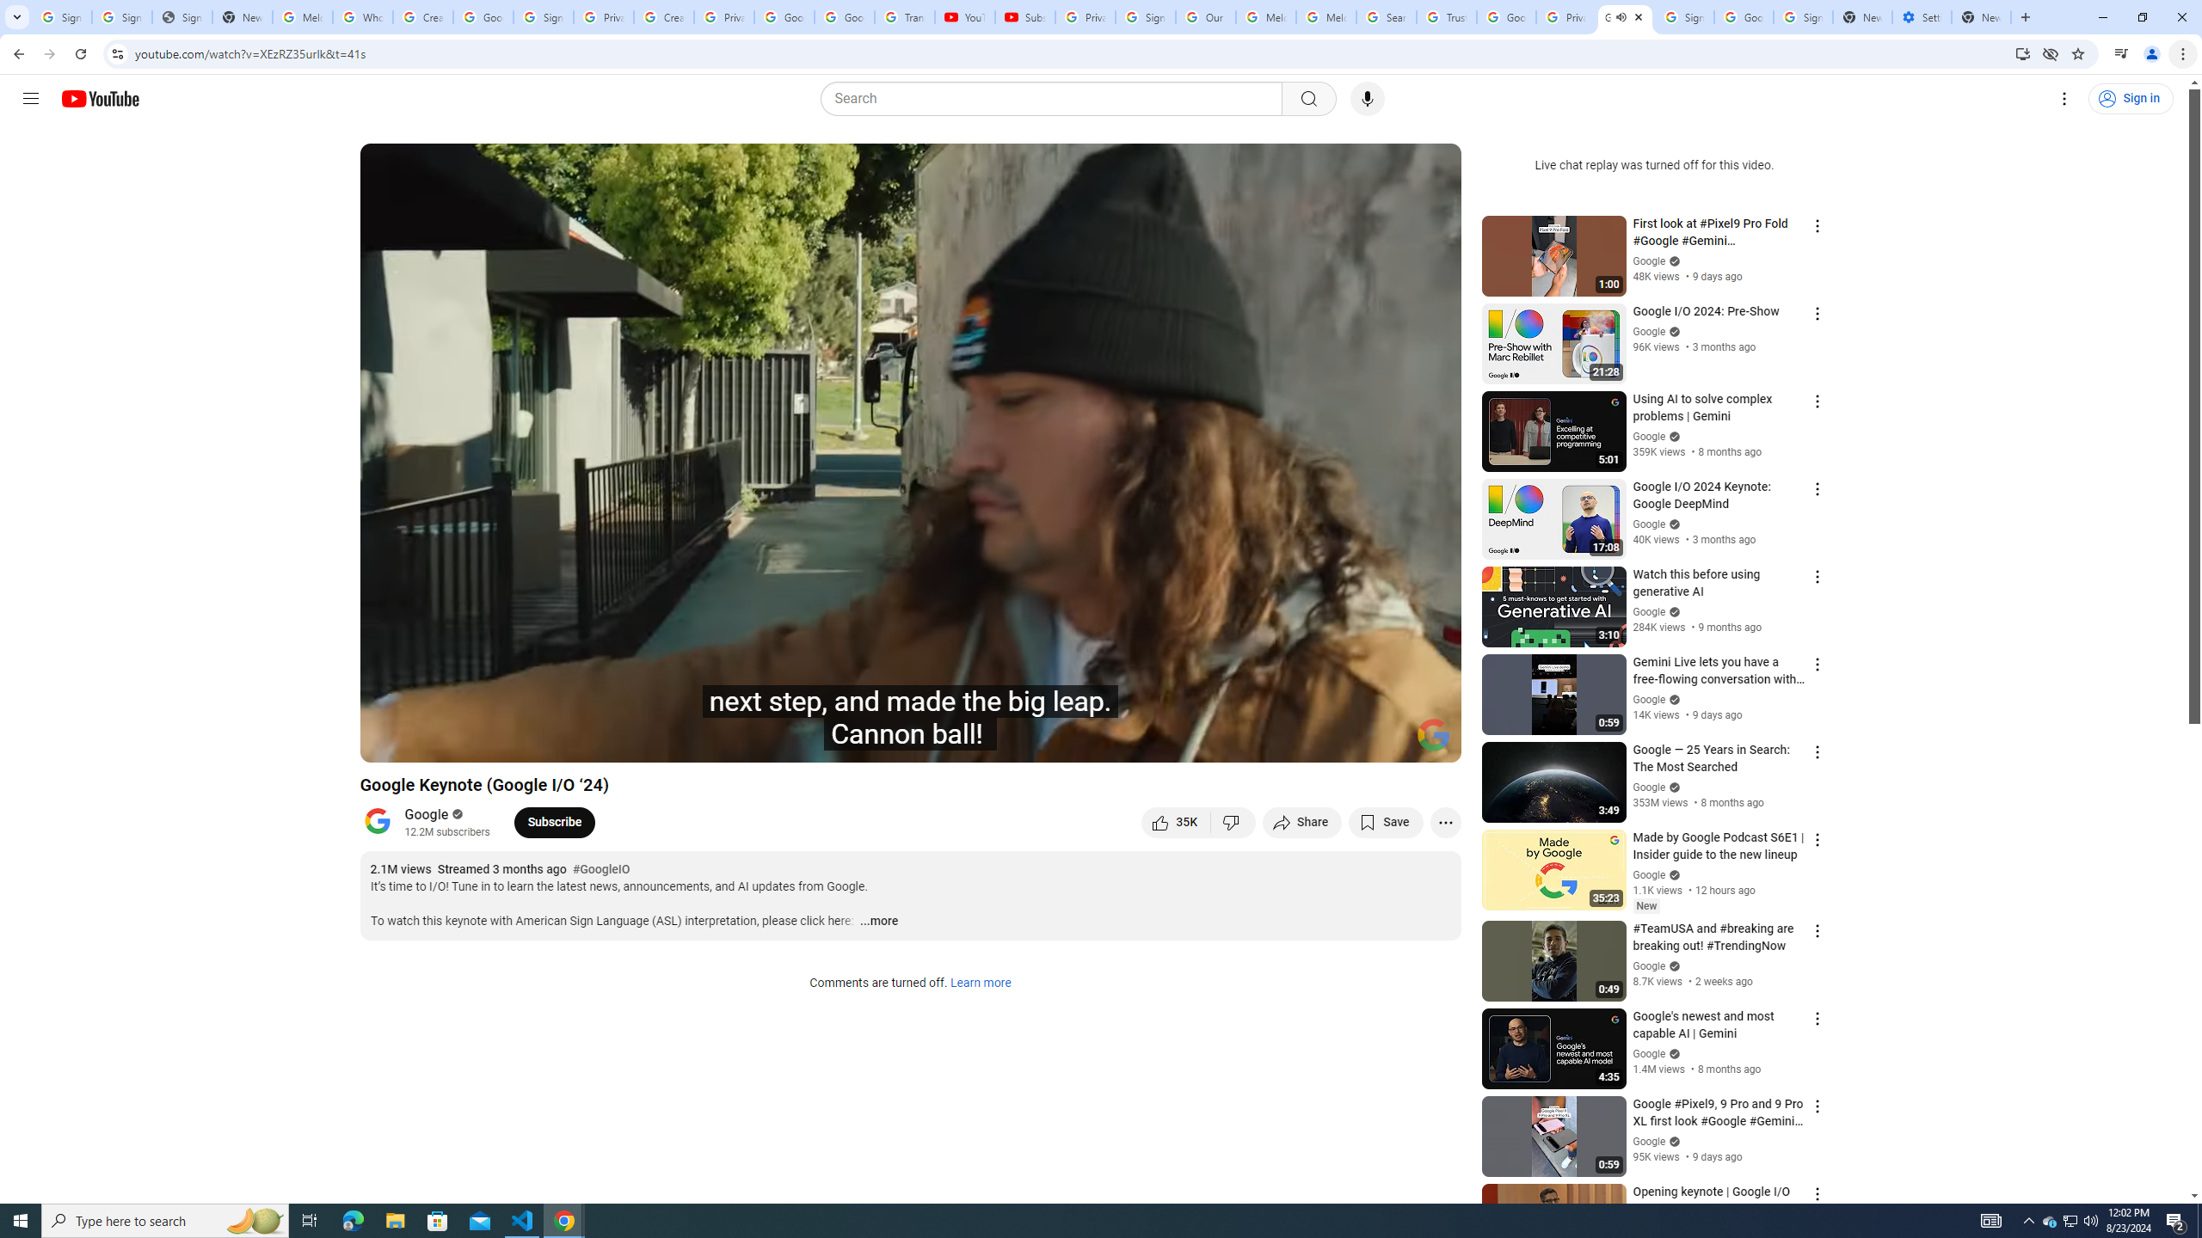 The image size is (2202, 1238). Describe the element at coordinates (909, 719) in the screenshot. I see `'Seek slider'` at that location.